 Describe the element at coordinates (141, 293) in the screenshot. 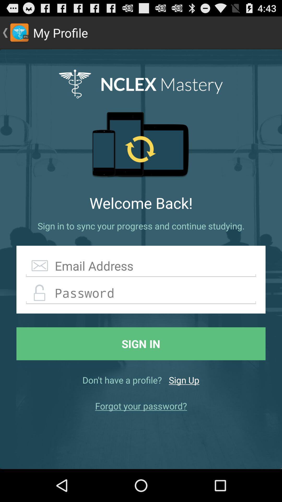

I see `creat password` at that location.